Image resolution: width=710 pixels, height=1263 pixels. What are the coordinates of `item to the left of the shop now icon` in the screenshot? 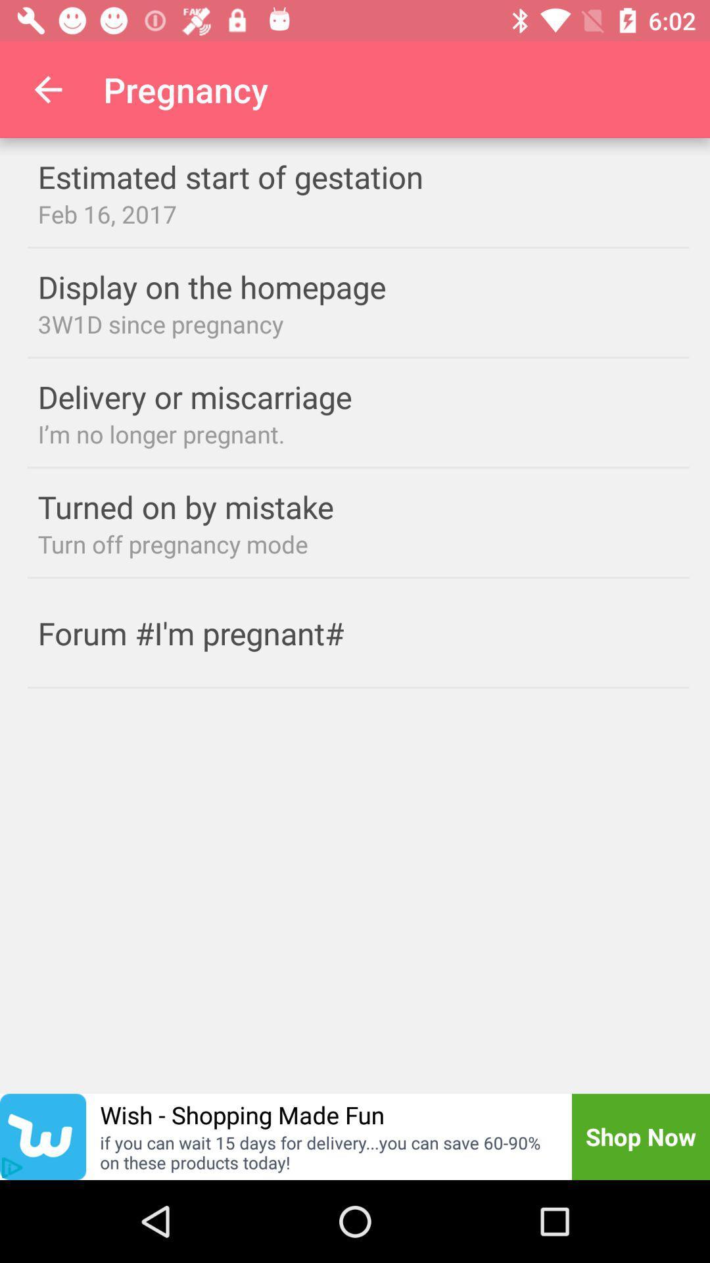 It's located at (326, 1152).